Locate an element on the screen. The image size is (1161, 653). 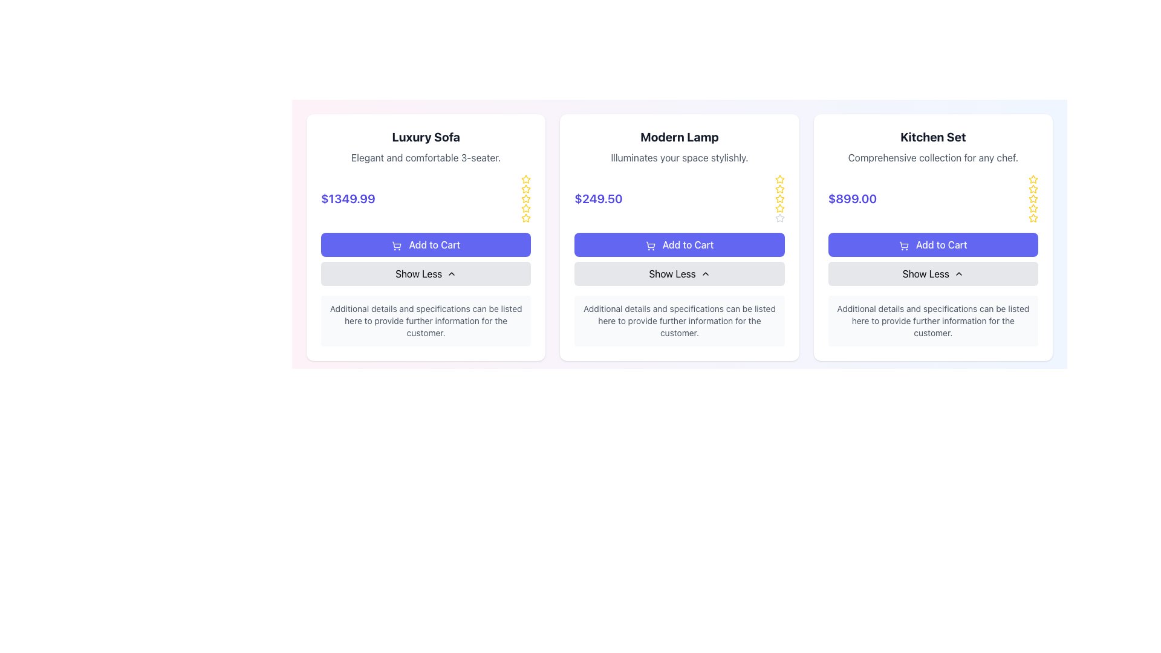
the upward-pointing chevron icon located to the right of the 'Show Less' text within the button on the 'Kitchen Set' card is located at coordinates (958, 273).